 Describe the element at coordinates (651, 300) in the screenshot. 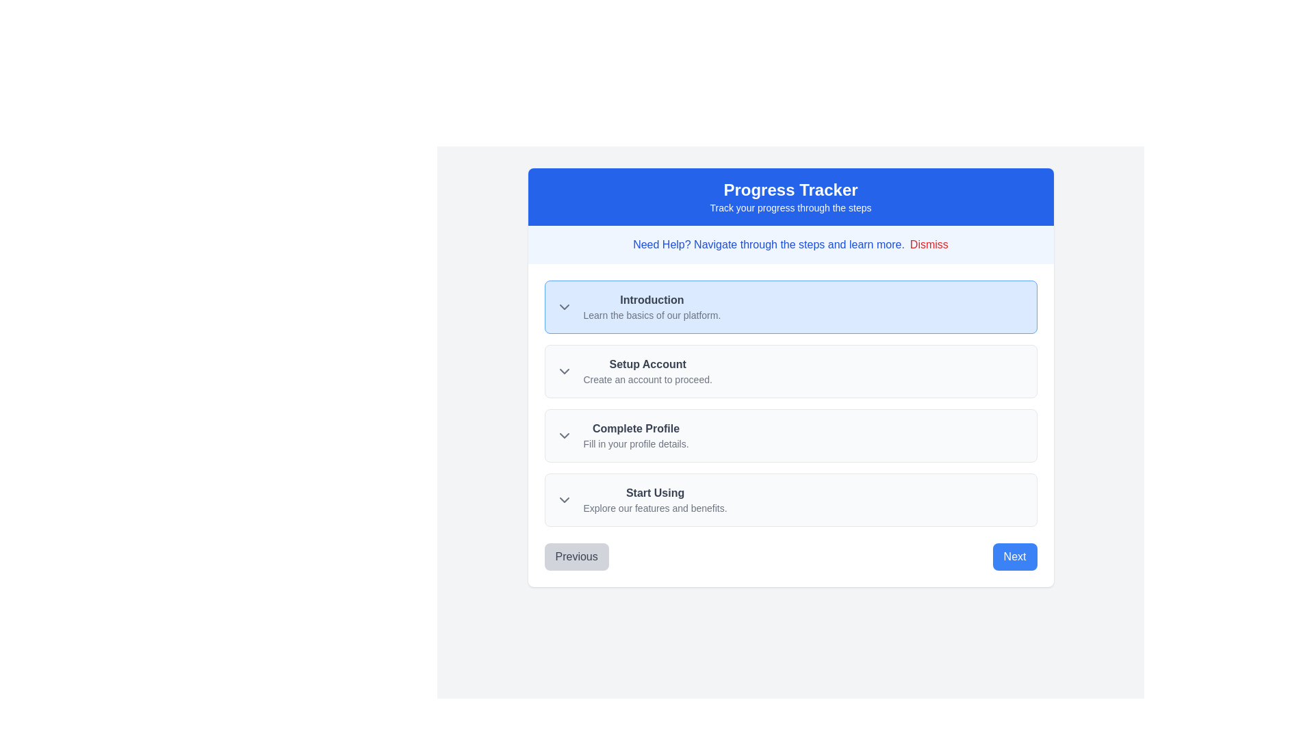

I see `the 'Introduction' label element, which is styled with a bold font and dark gray color against a light blue background, positioned at the top of a vertical list in a 'Progress Tracker' interface` at that location.